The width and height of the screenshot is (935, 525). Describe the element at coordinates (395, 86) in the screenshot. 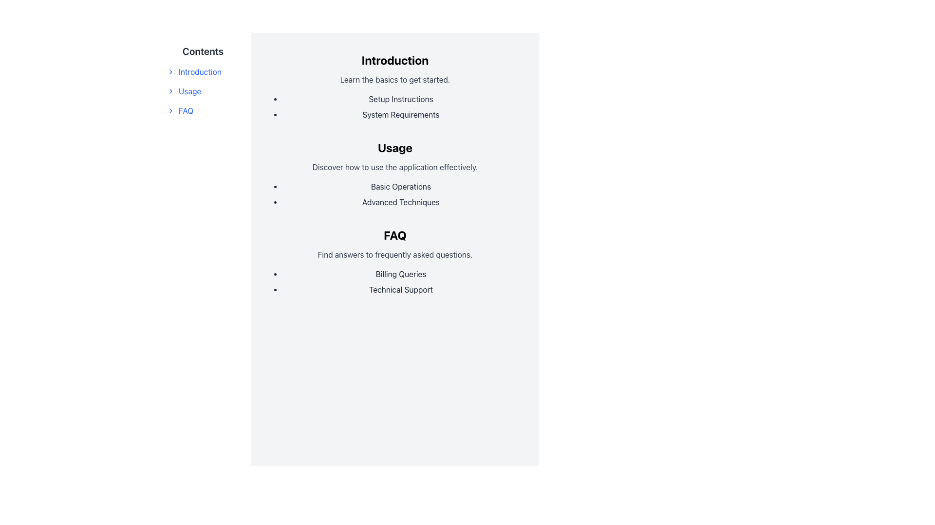

I see `Section Header titled 'Introduction' which contains a description and two bullet points for information gathering` at that location.